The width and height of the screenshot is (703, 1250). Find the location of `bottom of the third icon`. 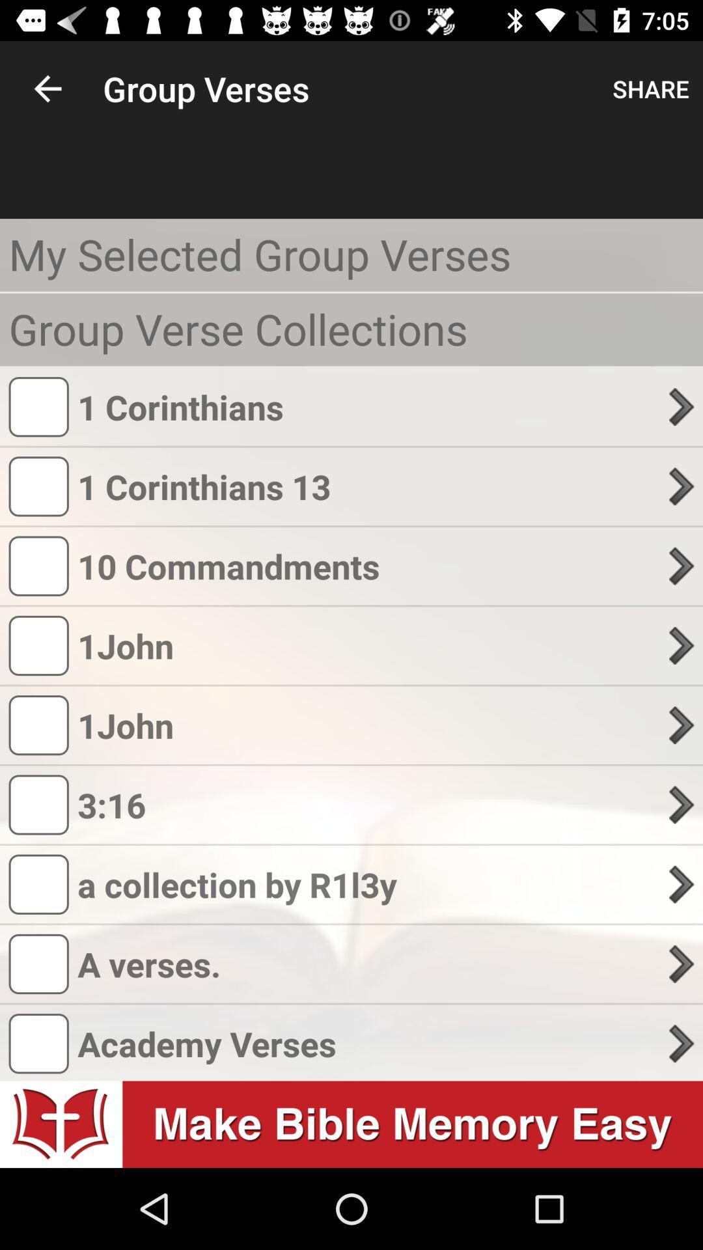

bottom of the third icon is located at coordinates (38, 884).